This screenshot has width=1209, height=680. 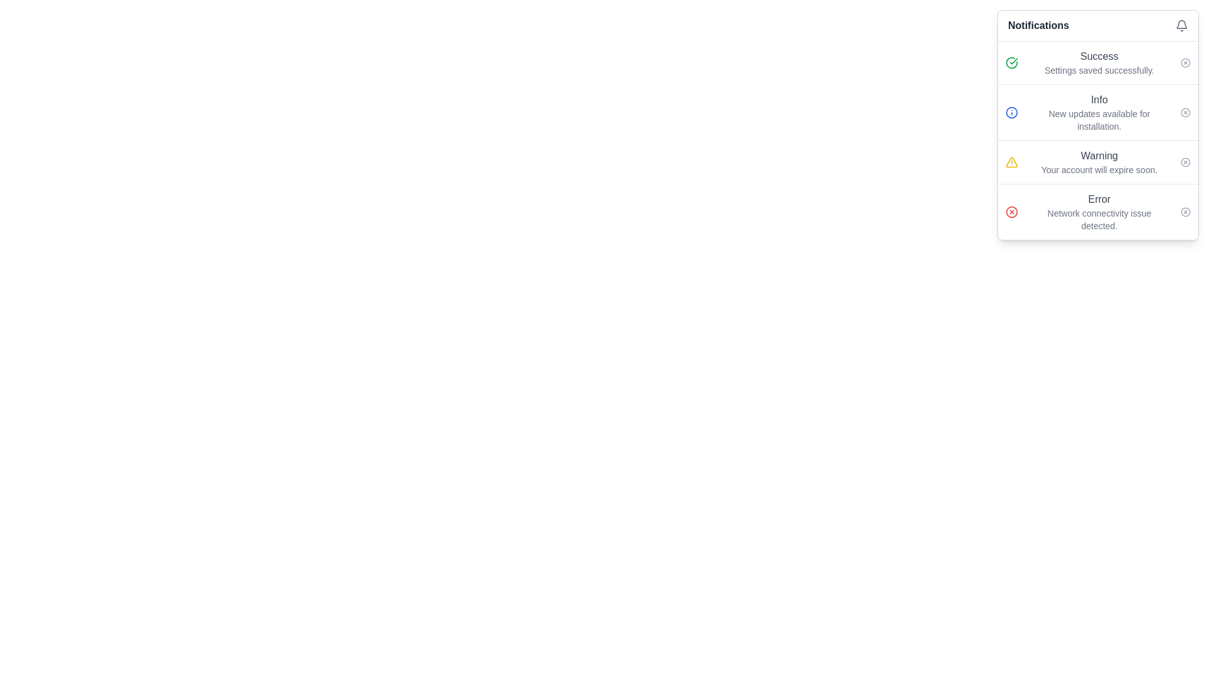 What do you see at coordinates (1012, 211) in the screenshot?
I see `the red circular icon with a cross symbol, which is the leading icon of the fourth notification entry indicating a network connectivity issue` at bounding box center [1012, 211].